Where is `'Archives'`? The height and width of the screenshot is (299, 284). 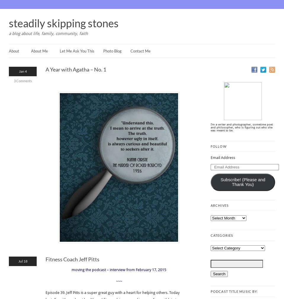 'Archives' is located at coordinates (219, 205).